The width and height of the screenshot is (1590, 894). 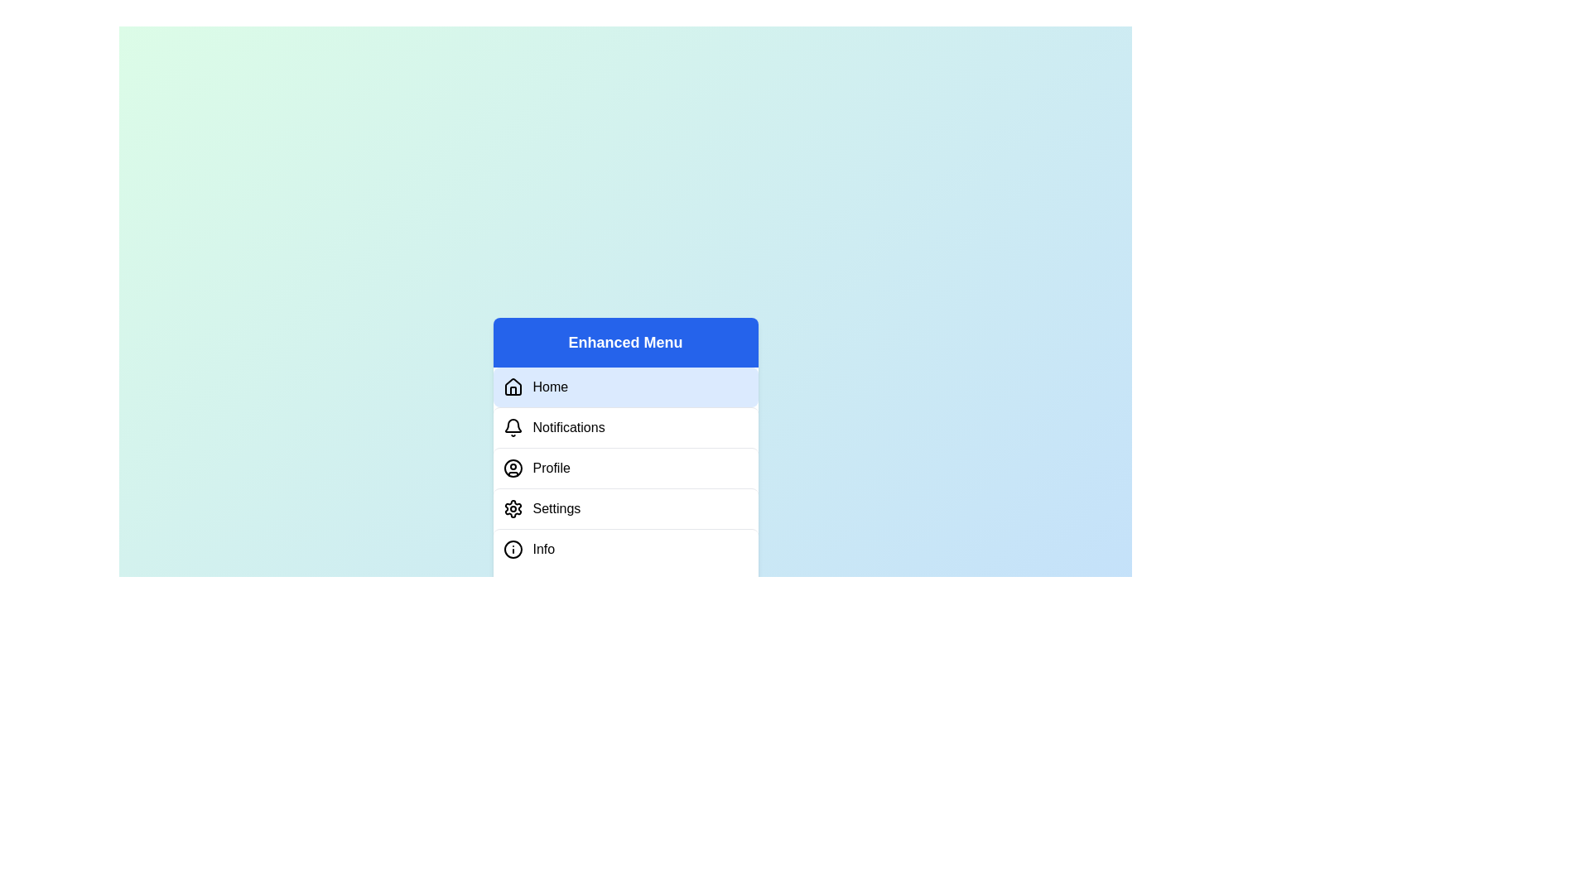 I want to click on the menu tab Home, so click(x=624, y=387).